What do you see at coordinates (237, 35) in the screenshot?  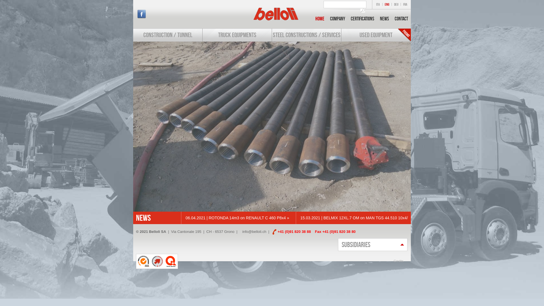 I see `'TRUCK EQUIPMENTS'` at bounding box center [237, 35].